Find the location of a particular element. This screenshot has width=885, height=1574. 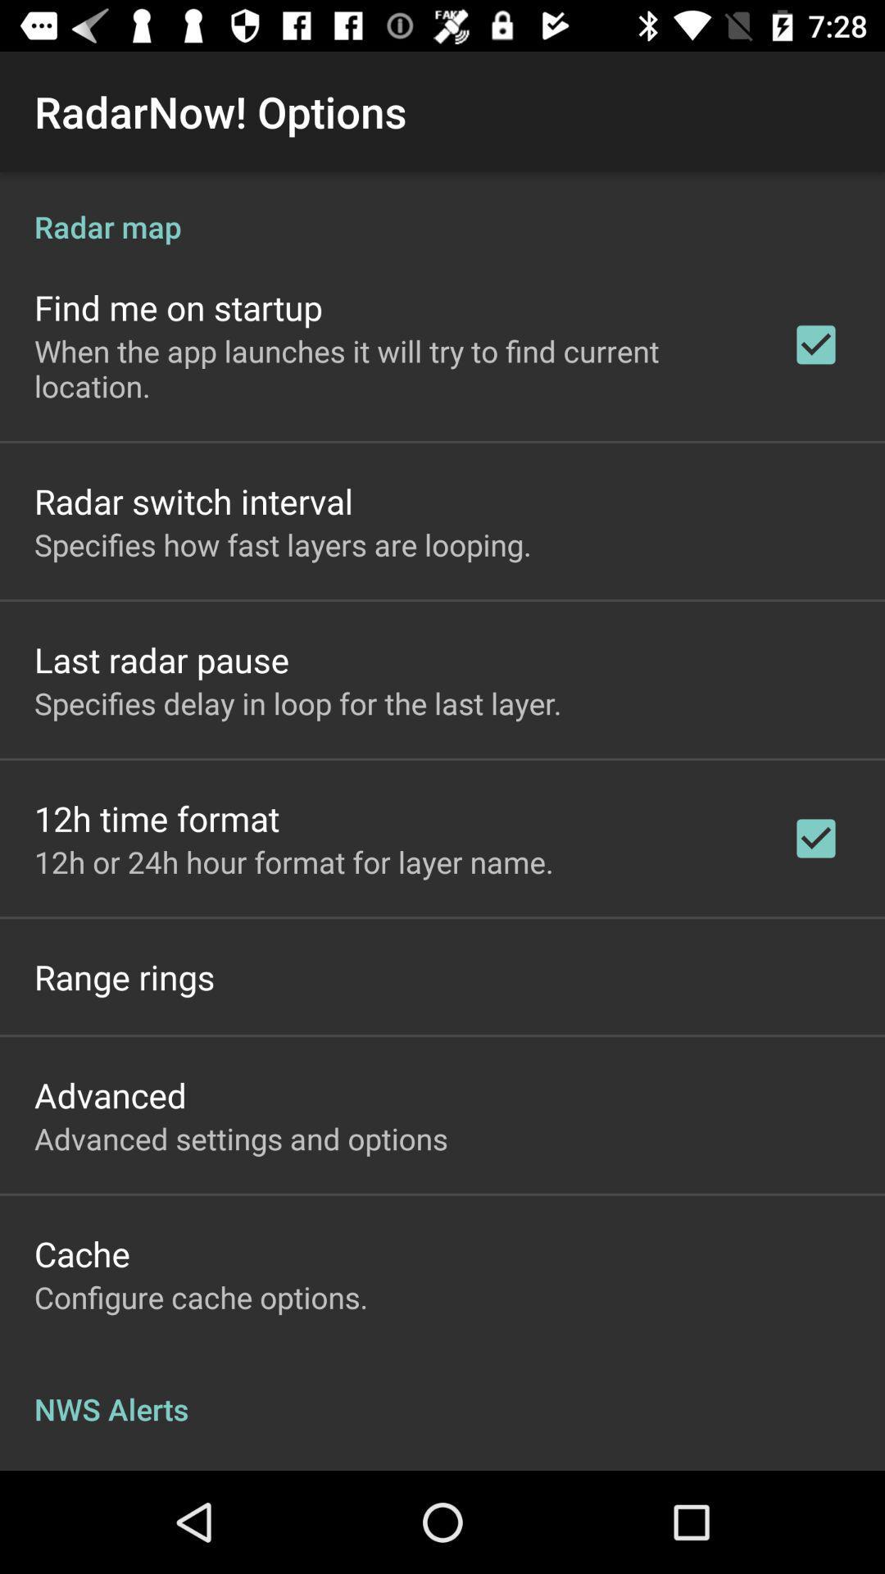

the find me on item is located at coordinates (178, 307).